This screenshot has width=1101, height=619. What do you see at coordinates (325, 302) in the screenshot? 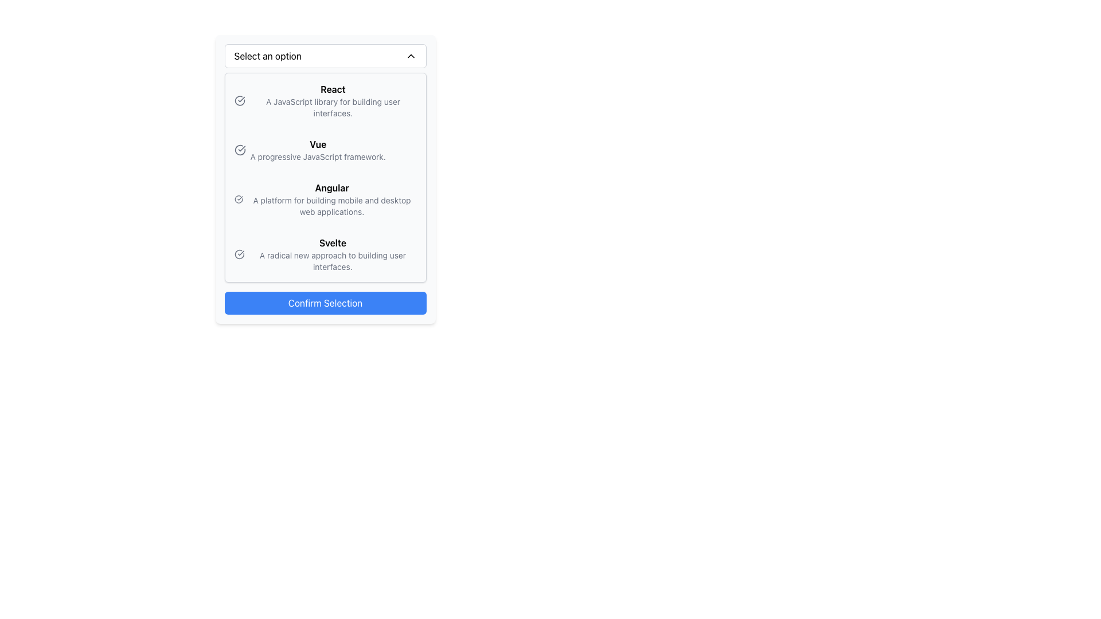
I see `the confirm button located at the bottom of the programming frameworks list` at bounding box center [325, 302].